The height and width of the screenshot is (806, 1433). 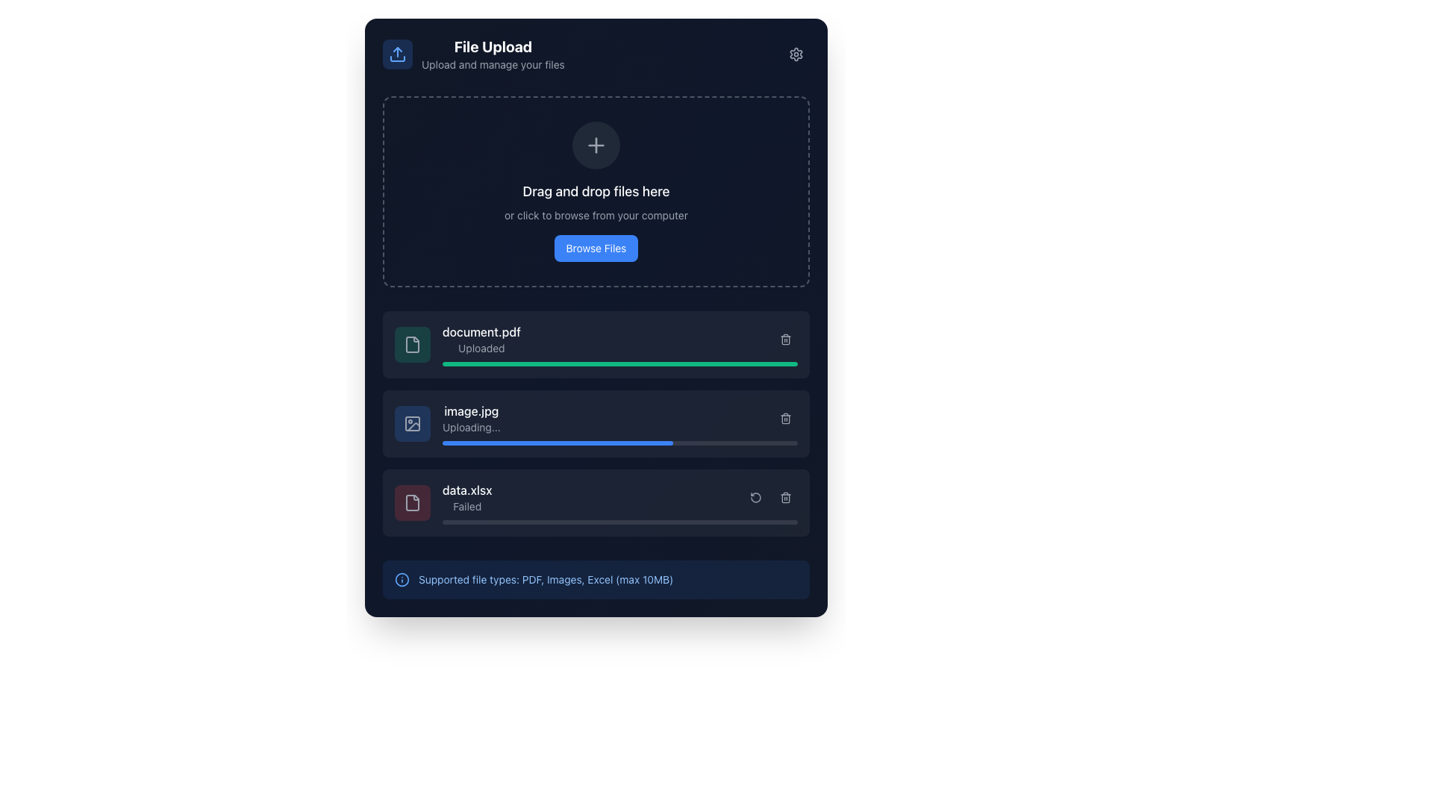 What do you see at coordinates (619, 345) in the screenshot?
I see `the file entry for 'document.pdf' with status 'Uploaded'` at bounding box center [619, 345].